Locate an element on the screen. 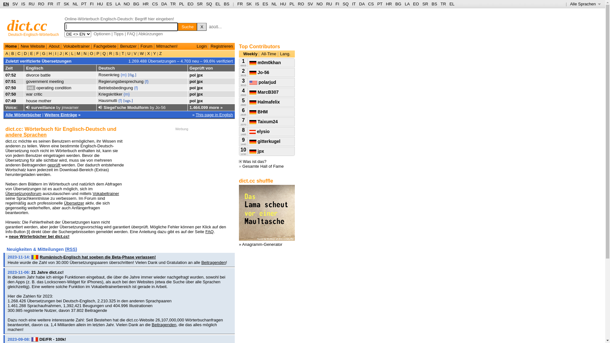 Image resolution: width=610 pixels, height=343 pixels. 'divorce battle' is located at coordinates (38, 74).